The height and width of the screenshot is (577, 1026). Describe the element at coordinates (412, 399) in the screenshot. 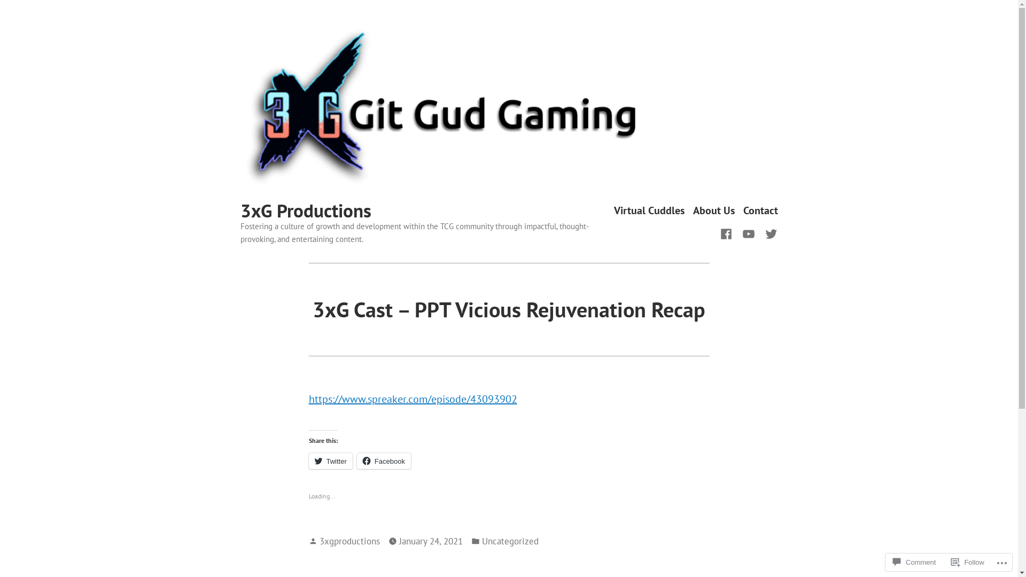

I see `'https://www.spreaker.com/episode/43093902'` at that location.